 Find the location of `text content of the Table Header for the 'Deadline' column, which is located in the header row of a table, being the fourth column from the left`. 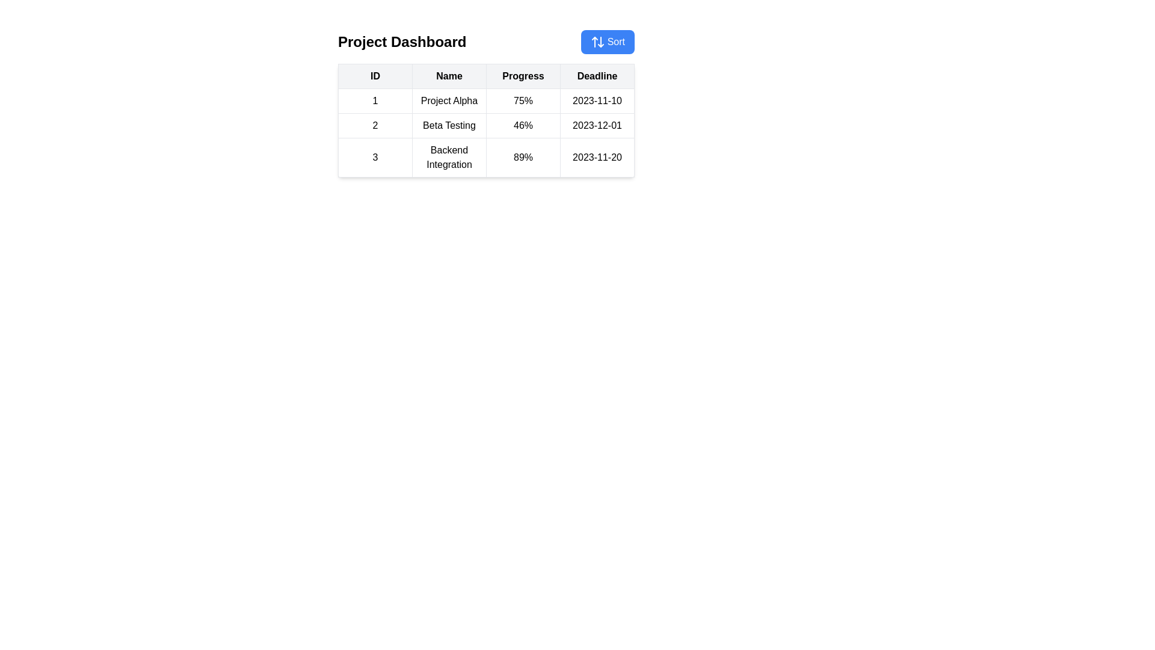

text content of the Table Header for the 'Deadline' column, which is located in the header row of a table, being the fourth column from the left is located at coordinates (597, 76).